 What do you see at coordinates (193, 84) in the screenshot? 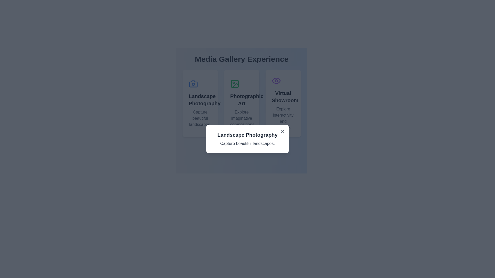
I see `the photography icon located in the top-left corner of the leftmost card under the title 'Media Gallery Experience'` at bounding box center [193, 84].